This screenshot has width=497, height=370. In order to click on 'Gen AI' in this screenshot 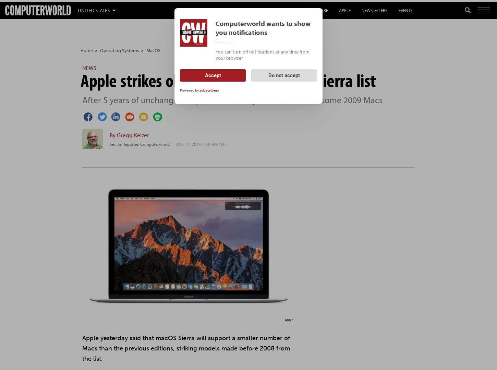, I will do `click(276, 10)`.